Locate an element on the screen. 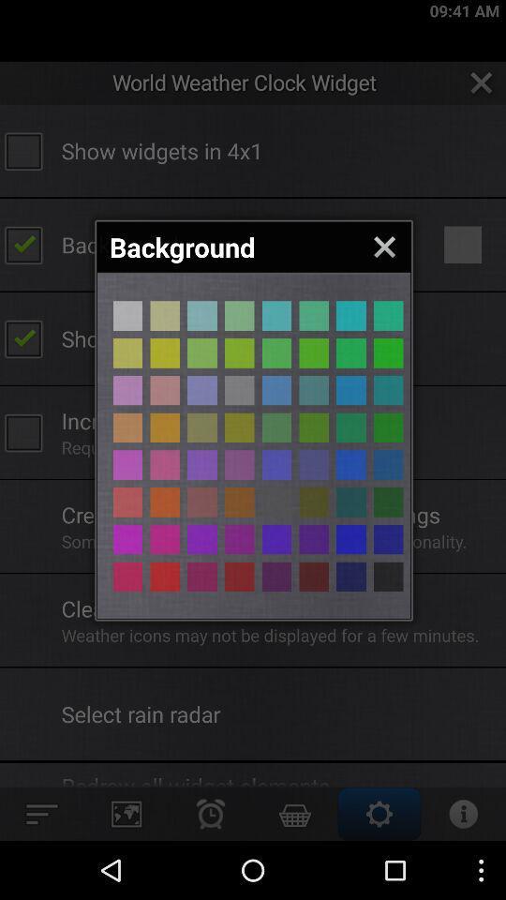  color select is located at coordinates (126, 539).